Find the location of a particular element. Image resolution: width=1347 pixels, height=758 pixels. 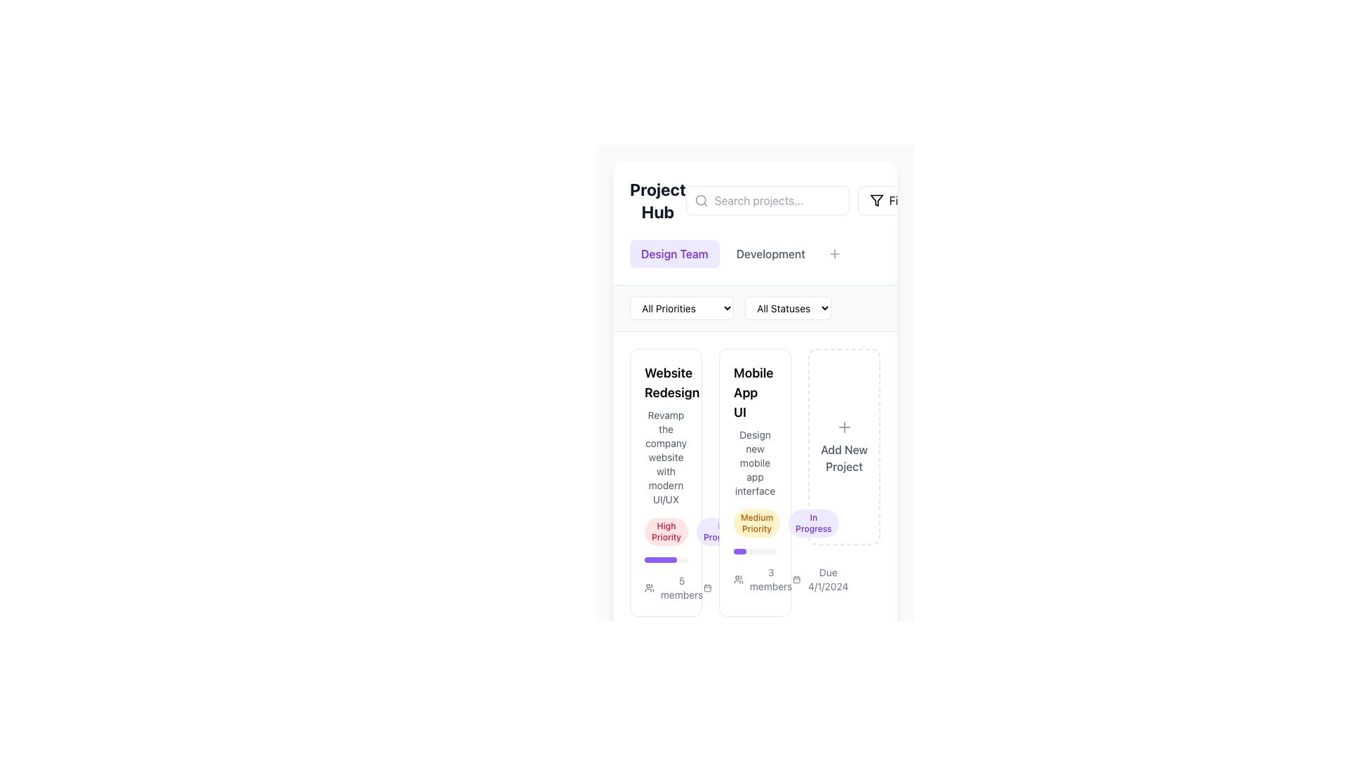

an option from the grouped component consisting of two dropdown menus, with the left dropdown displaying 'All Priorities' and the right dropdown displaying 'All Statuses' is located at coordinates (754, 307).